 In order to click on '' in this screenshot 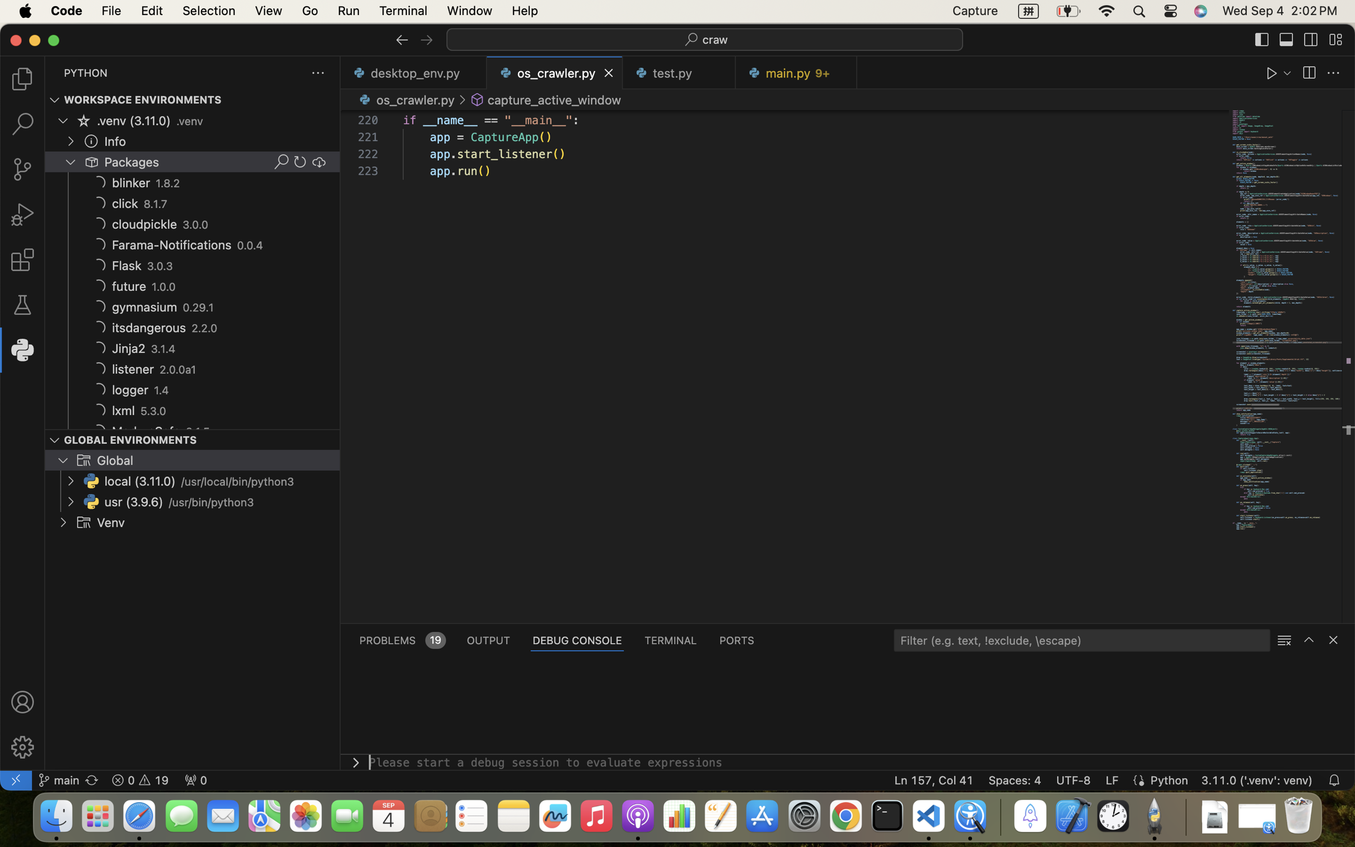, I will do `click(318, 161)`.